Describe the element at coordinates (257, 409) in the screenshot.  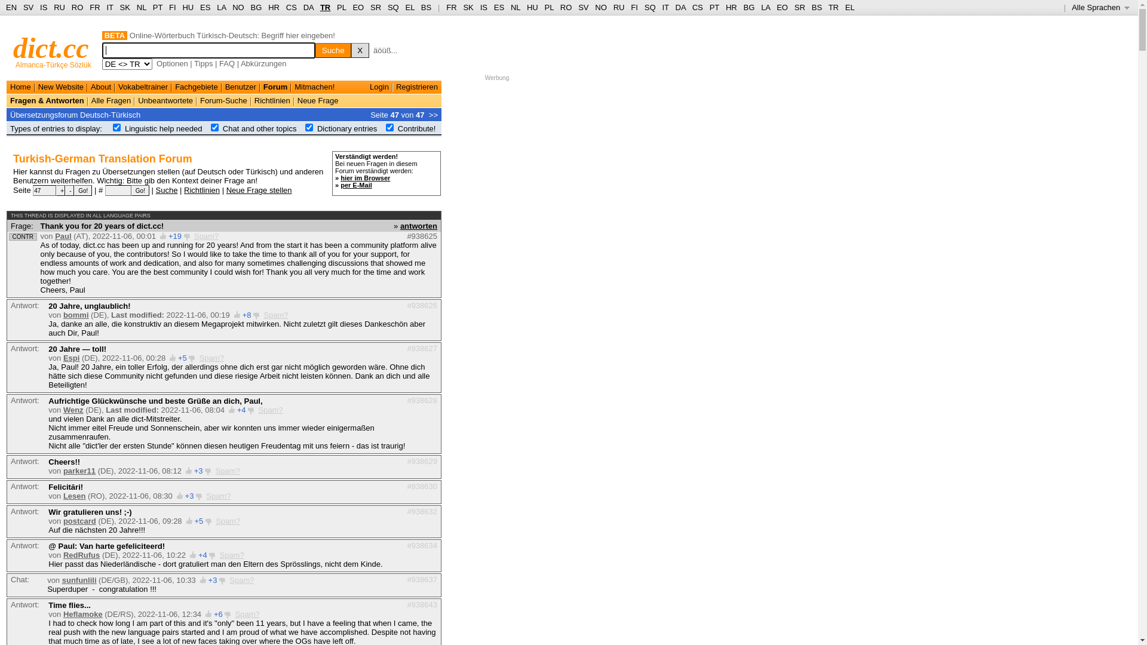
I see `'Spam?'` at that location.